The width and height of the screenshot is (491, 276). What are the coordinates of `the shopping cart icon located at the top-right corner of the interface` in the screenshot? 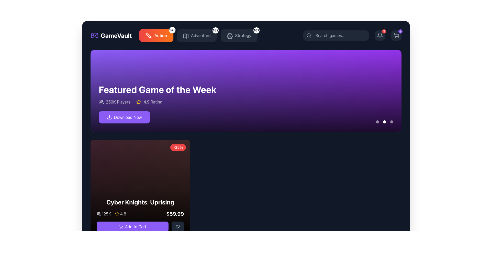 It's located at (396, 35).